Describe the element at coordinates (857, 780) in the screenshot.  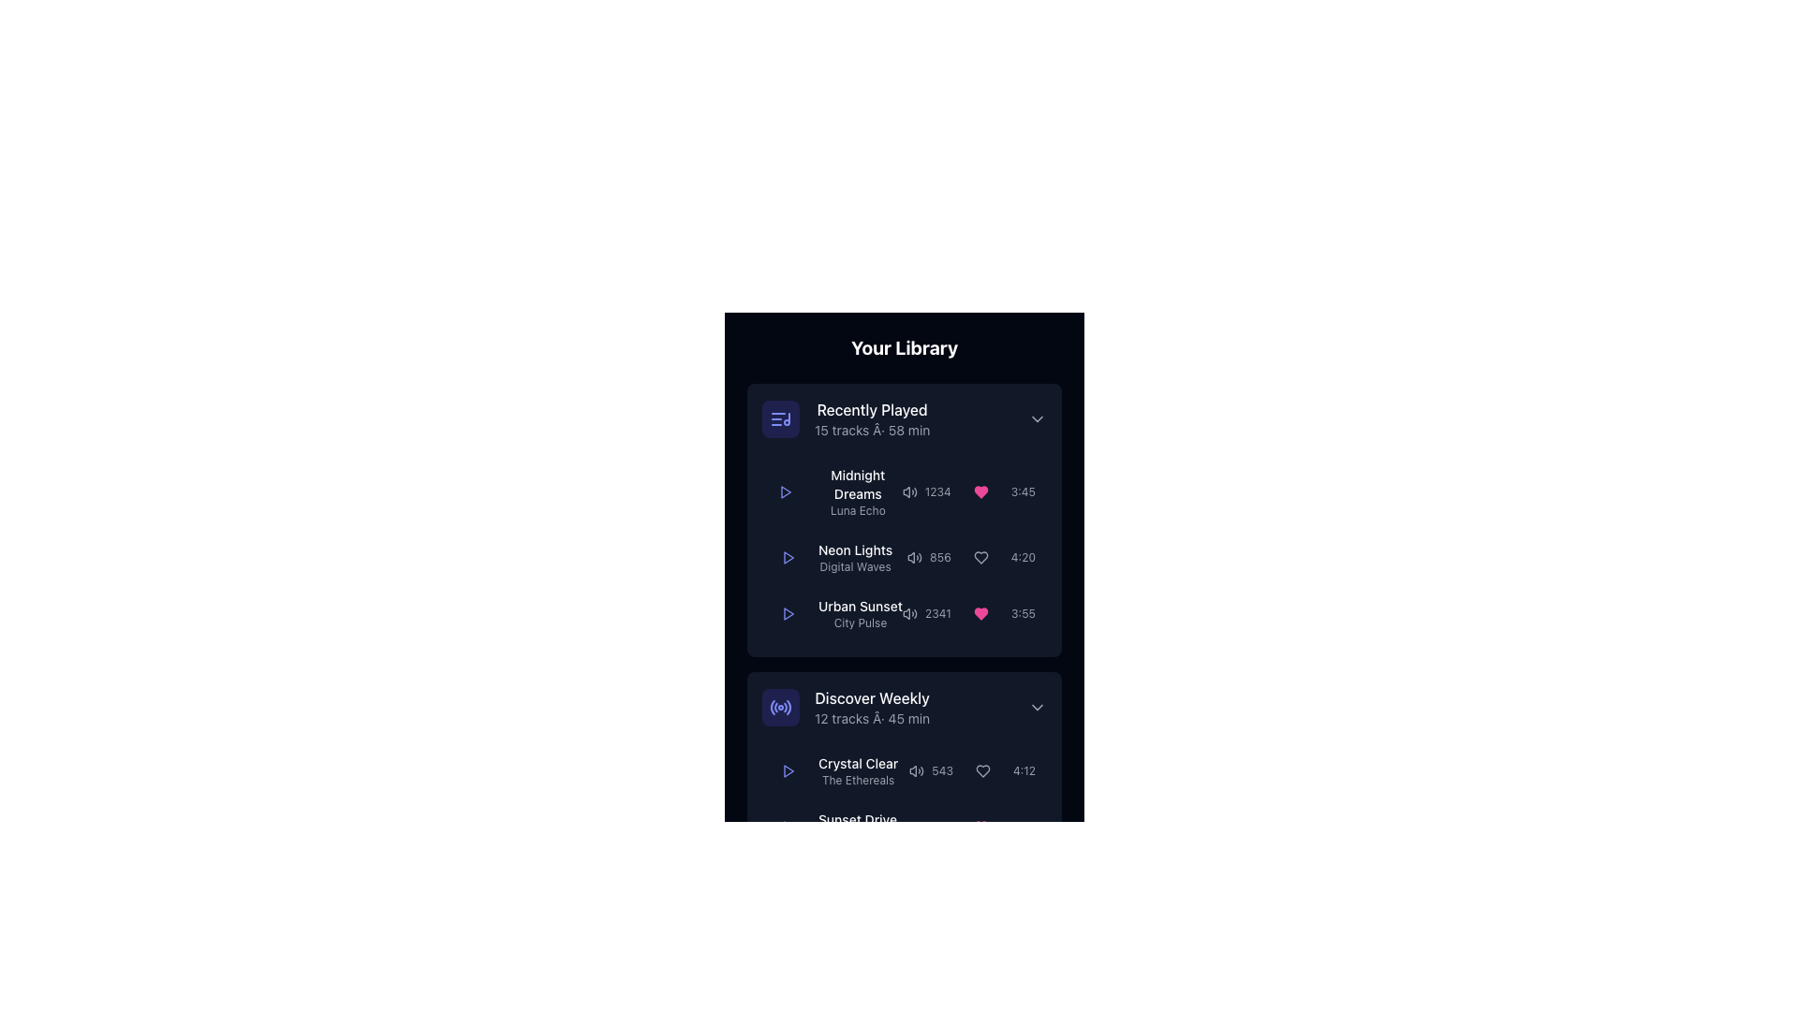
I see `the static text label that reads 'The Ethereals', which is gray-colored and positioned directly beneath the larger text 'Crystal Clear' in the 'Discover Weekly' section` at that location.